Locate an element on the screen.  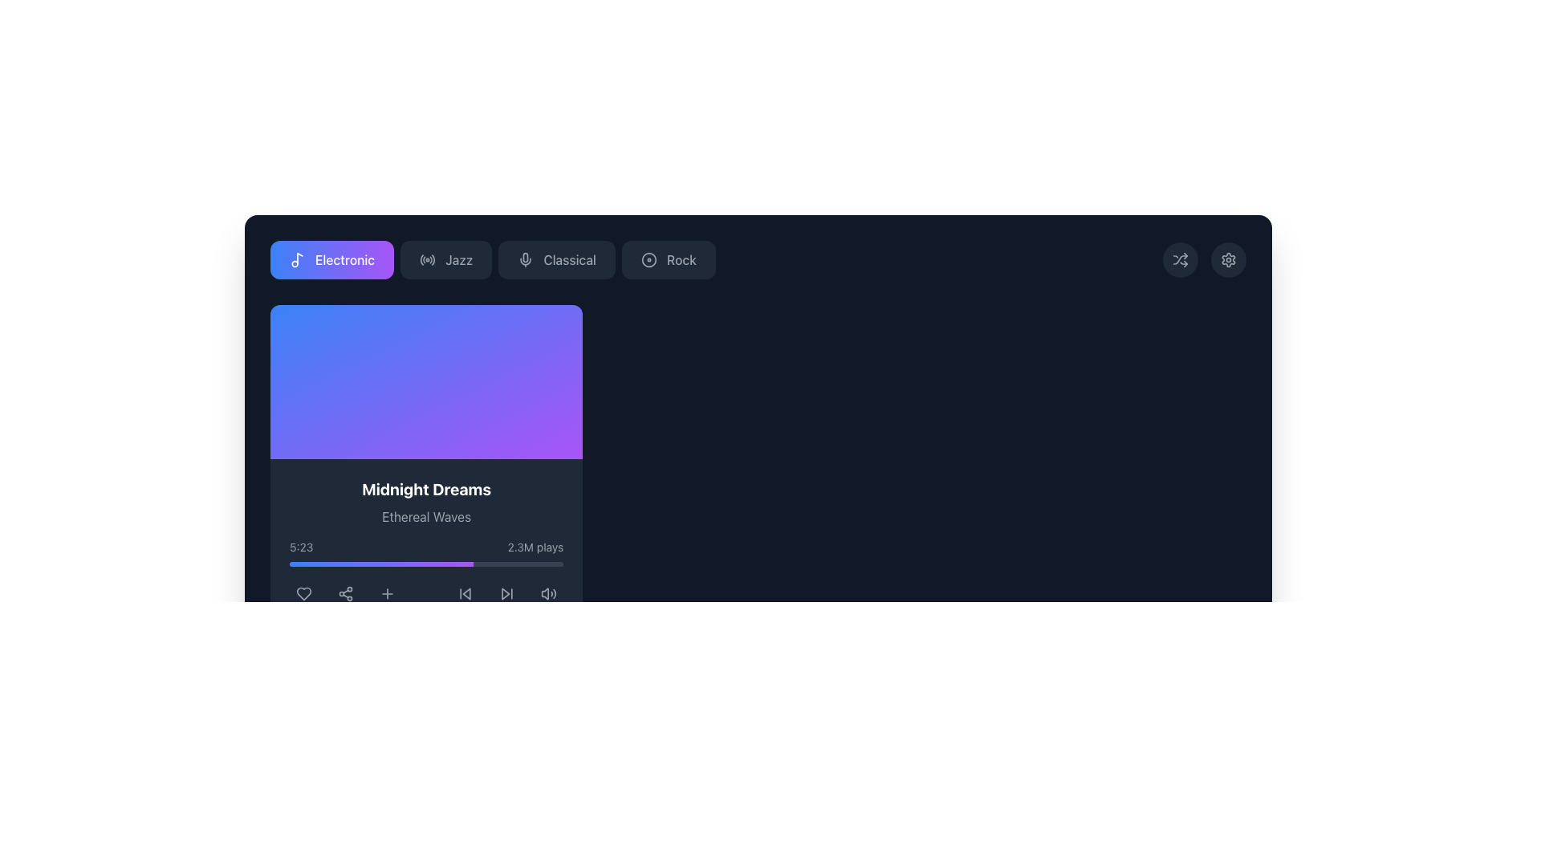
the slider value is located at coordinates (303, 563).